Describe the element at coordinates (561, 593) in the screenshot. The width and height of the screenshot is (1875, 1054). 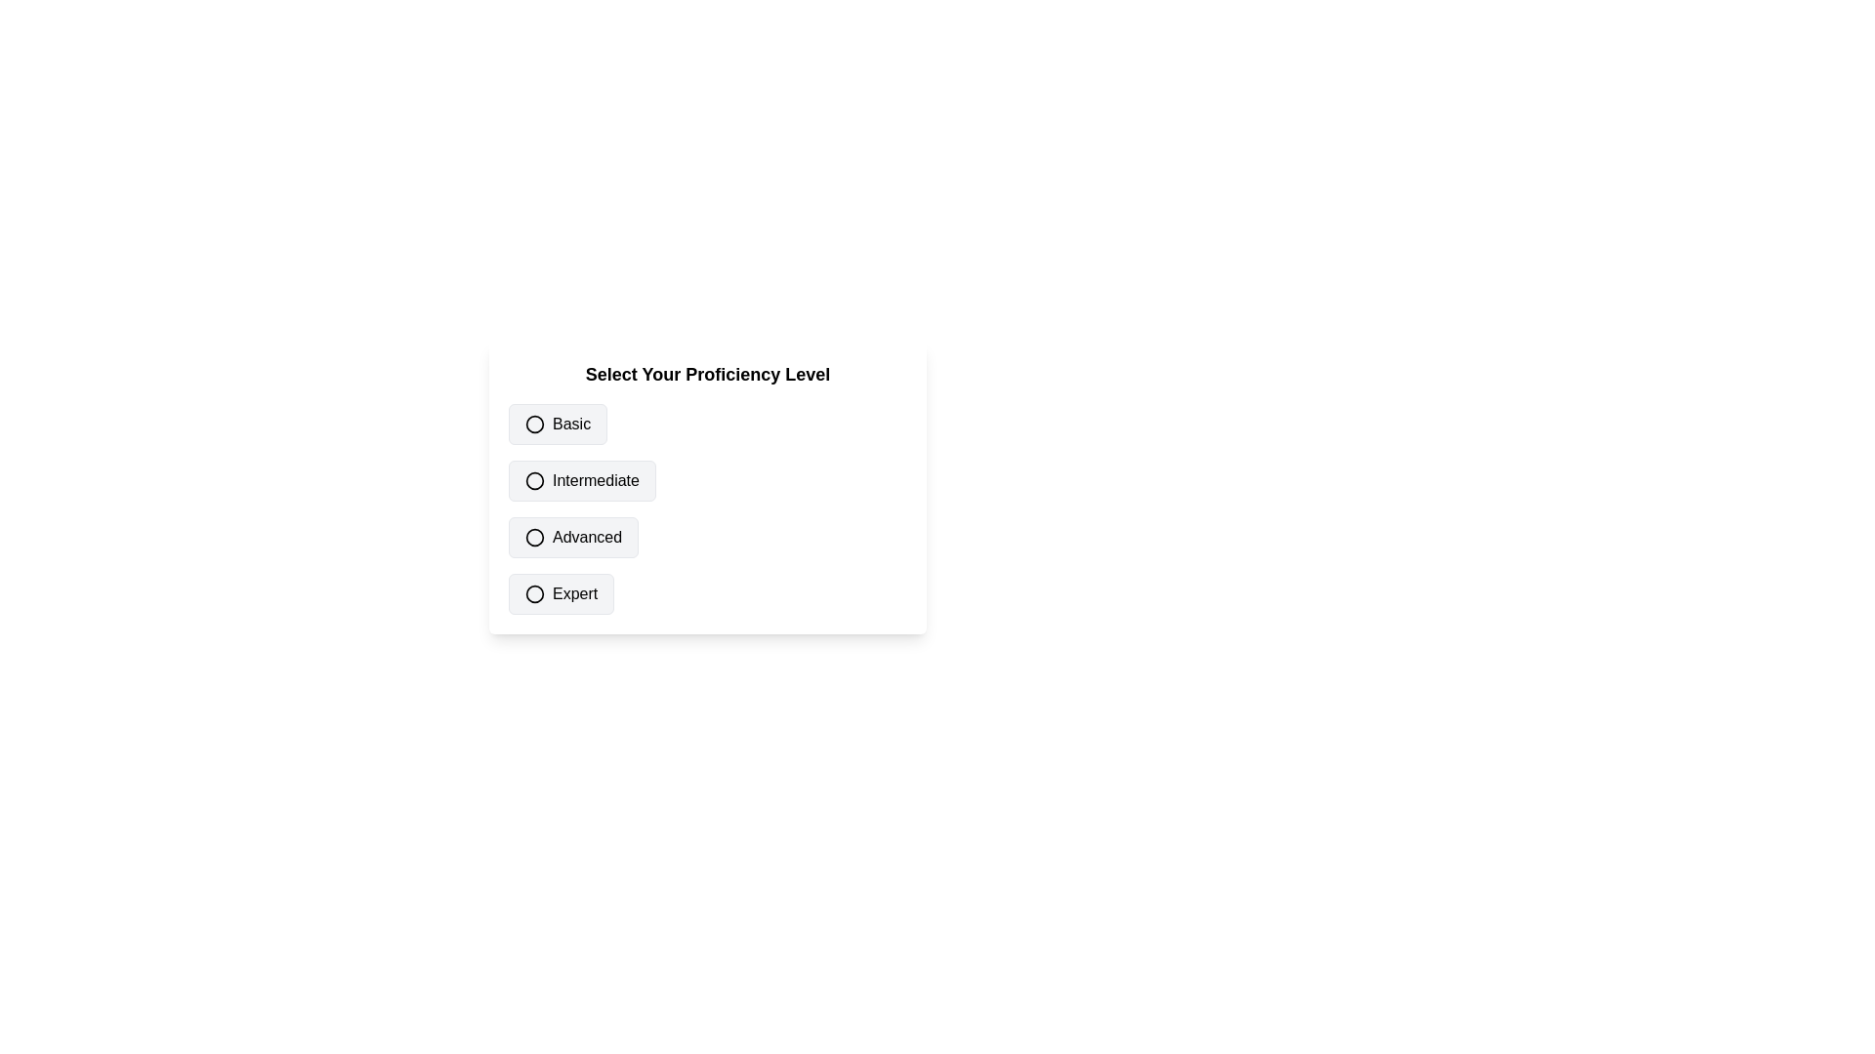
I see `the 'Expert' button-like interactive element with an embedded radio button and label located in the bottom-most position of the group within the card layout titled 'Select Your Proficiency Level'` at that location.